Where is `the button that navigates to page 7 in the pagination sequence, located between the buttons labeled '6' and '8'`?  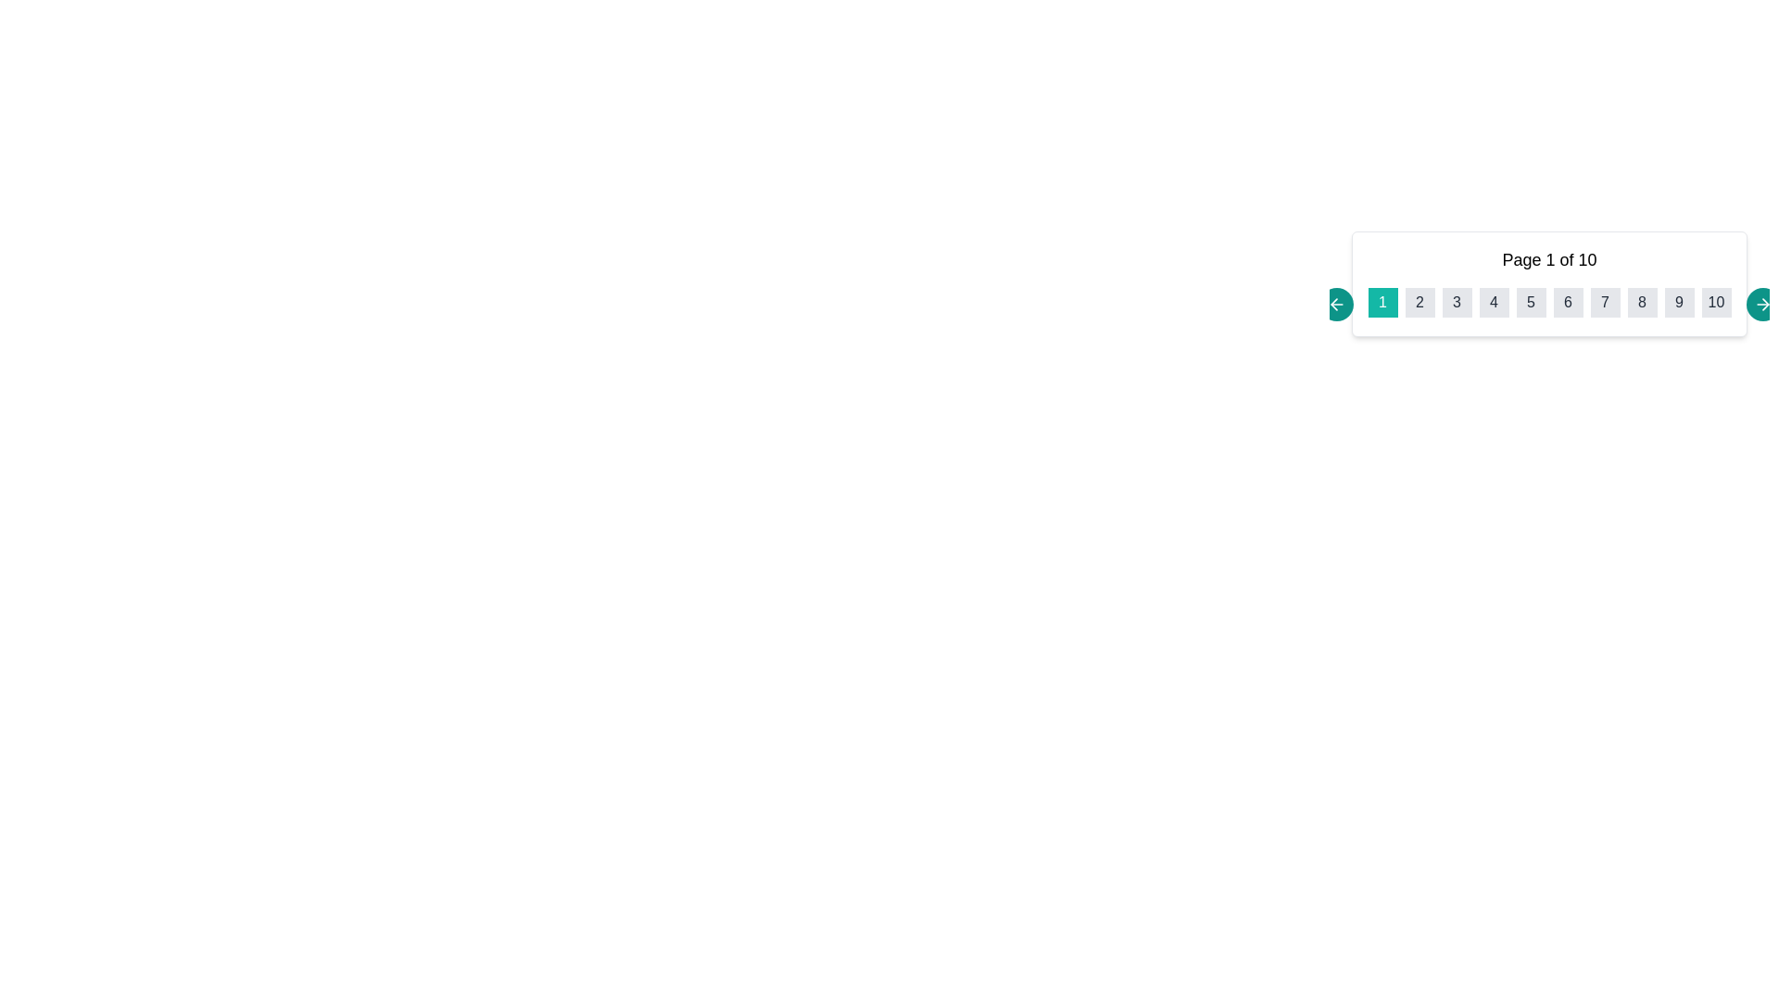 the button that navigates to page 7 in the pagination sequence, located between the buttons labeled '6' and '8' is located at coordinates (1604, 302).